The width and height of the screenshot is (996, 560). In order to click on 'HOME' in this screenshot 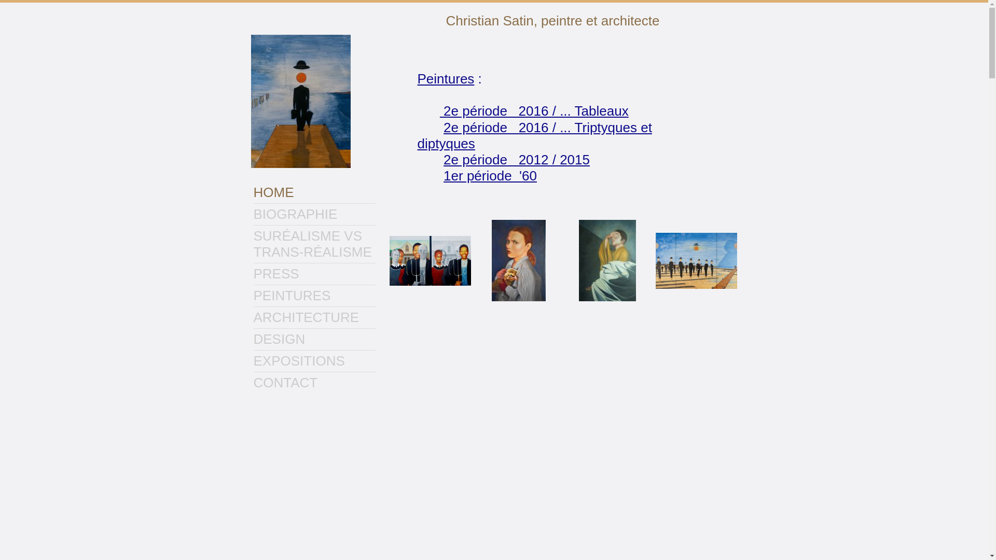, I will do `click(313, 192)`.